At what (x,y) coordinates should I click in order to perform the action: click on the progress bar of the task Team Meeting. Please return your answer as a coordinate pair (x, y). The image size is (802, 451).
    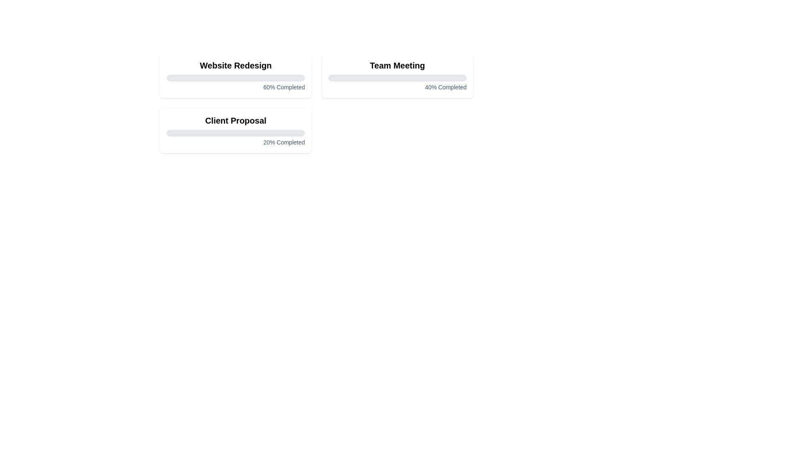
    Looking at the image, I should click on (397, 78).